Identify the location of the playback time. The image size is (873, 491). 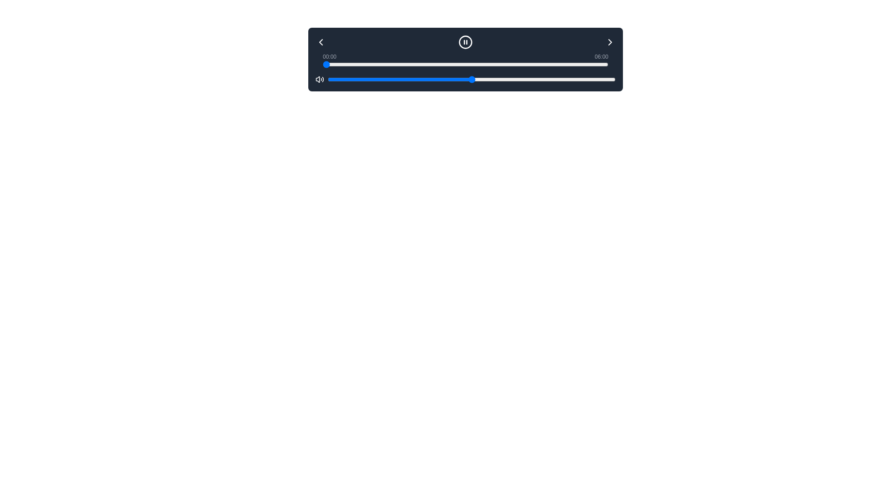
(569, 64).